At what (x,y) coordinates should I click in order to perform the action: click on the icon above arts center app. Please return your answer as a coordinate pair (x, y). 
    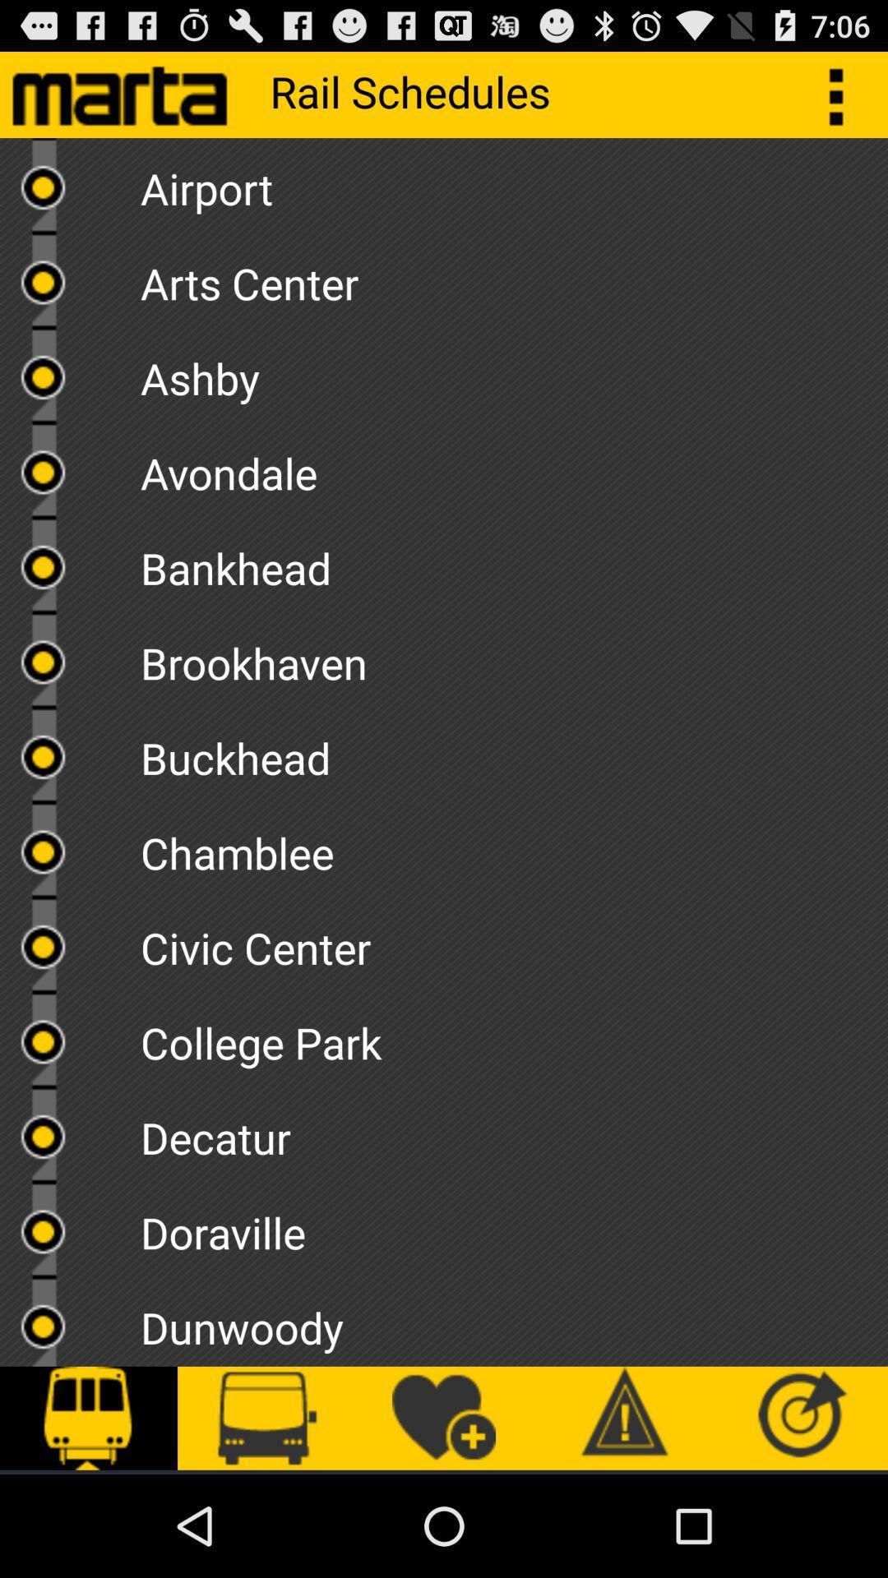
    Looking at the image, I should click on (513, 182).